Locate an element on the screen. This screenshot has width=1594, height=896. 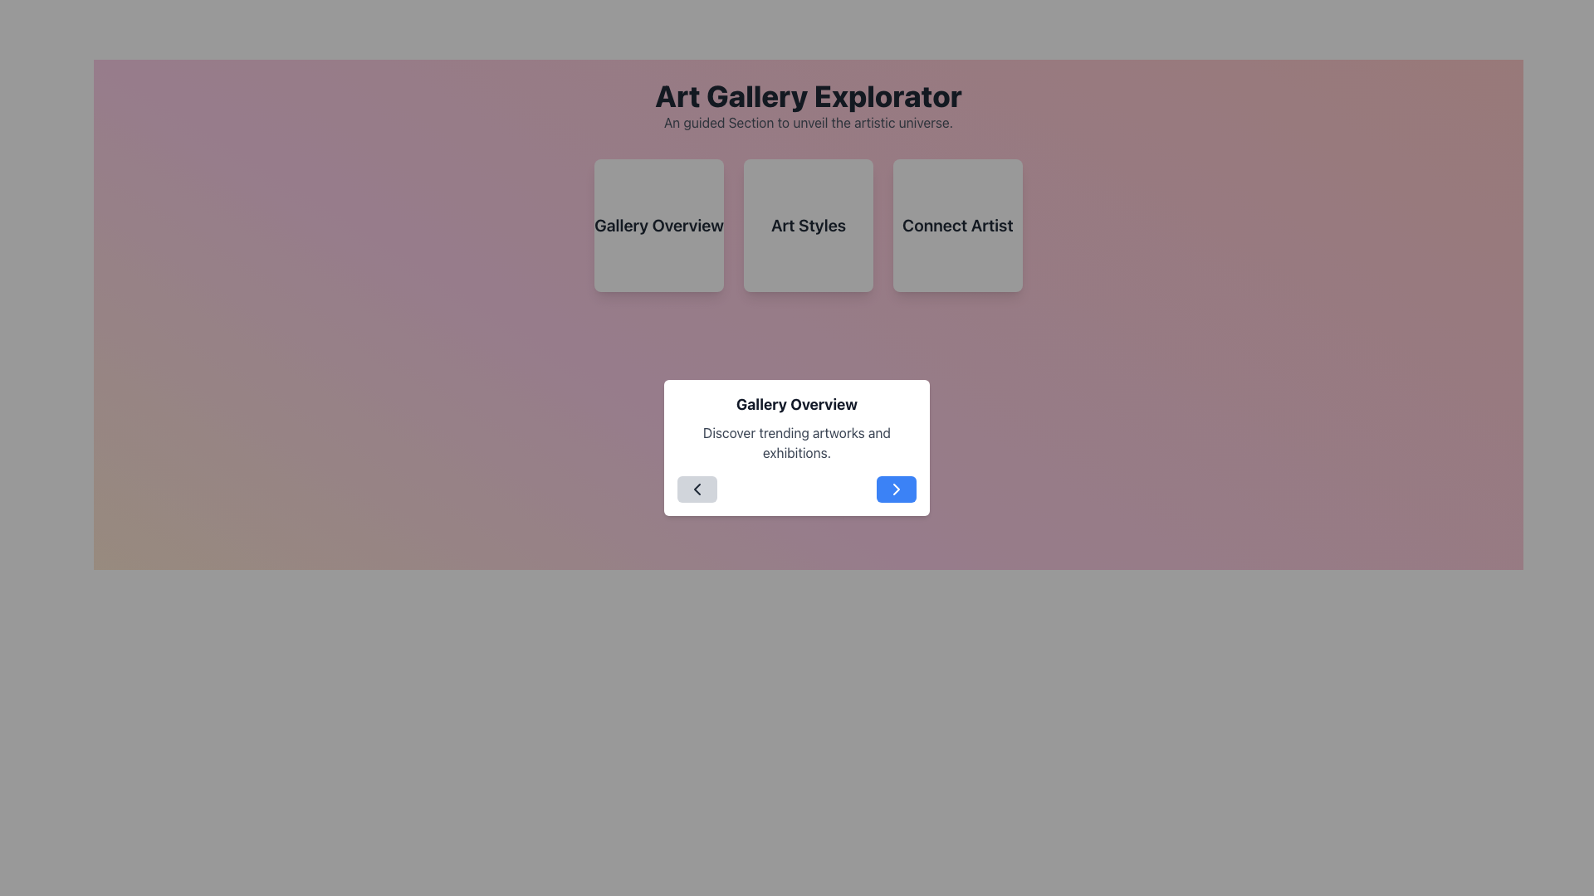
static text that provides context or information about the 'Gallery Overview', which is centrally aligned within the card located in the middle bottom section of the interface is located at coordinates (797, 441).